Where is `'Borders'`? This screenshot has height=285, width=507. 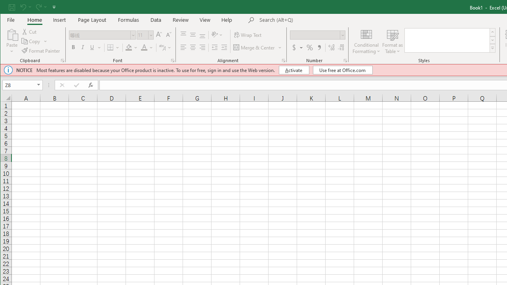
'Borders' is located at coordinates (113, 47).